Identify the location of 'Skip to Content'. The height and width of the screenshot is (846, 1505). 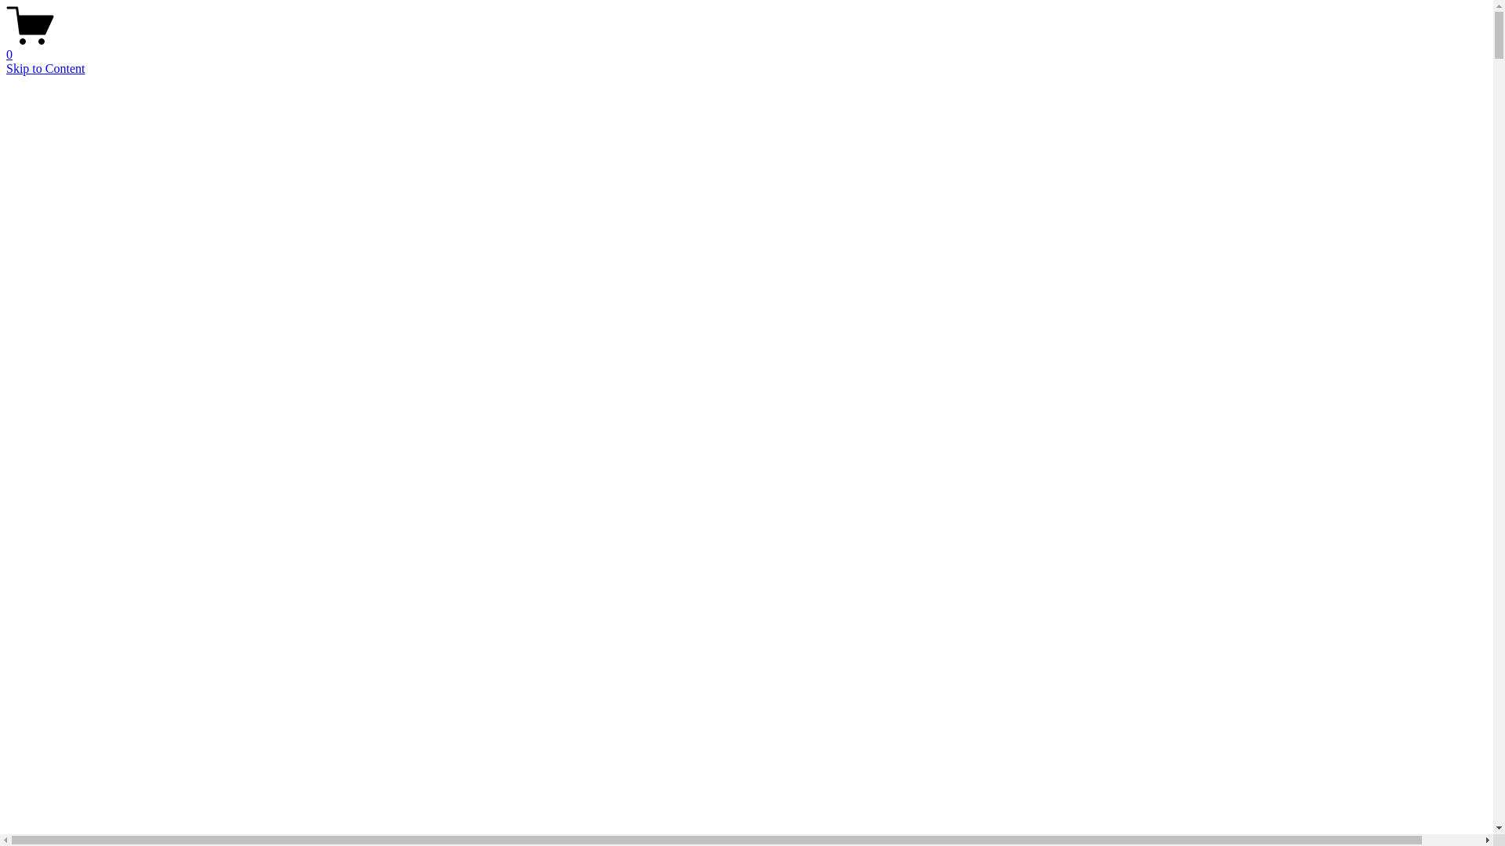
(45, 67).